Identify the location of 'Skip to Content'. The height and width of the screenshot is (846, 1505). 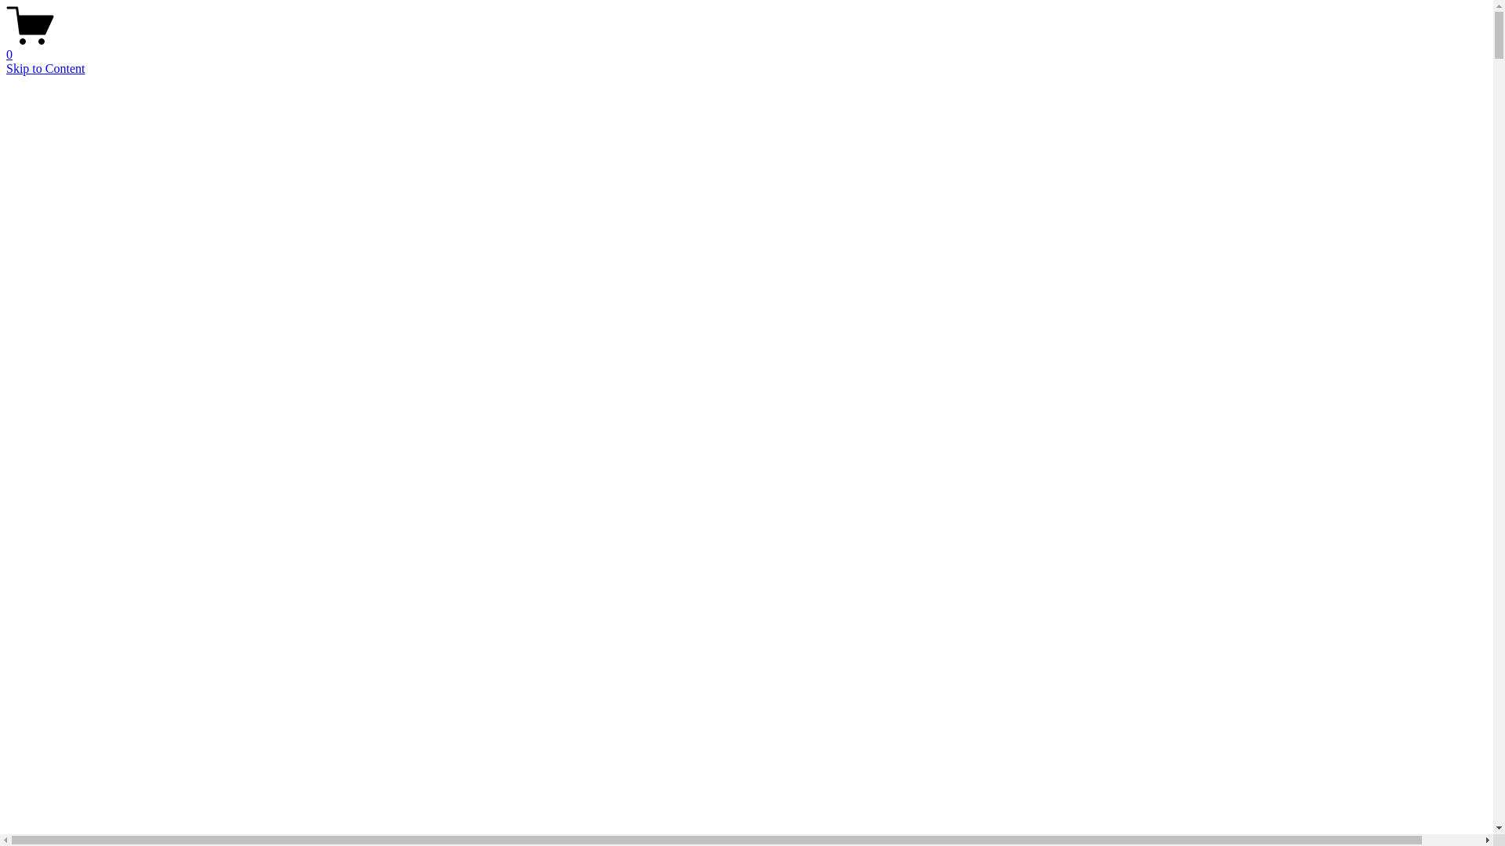
(45, 67).